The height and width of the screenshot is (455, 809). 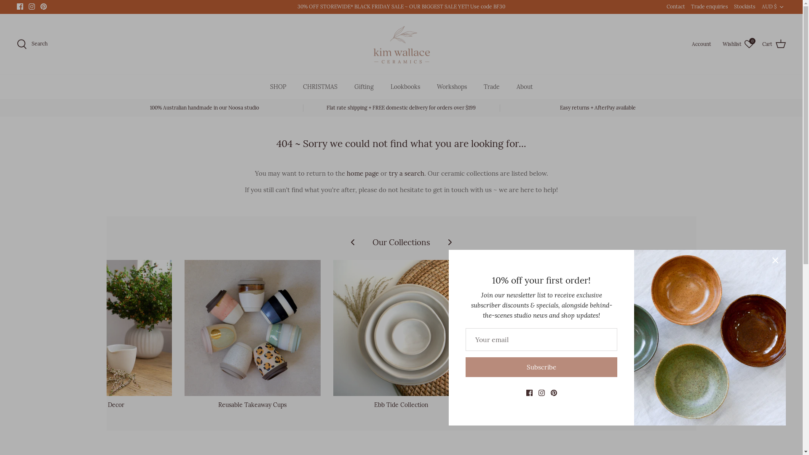 I want to click on 'Cart', so click(x=762, y=44).